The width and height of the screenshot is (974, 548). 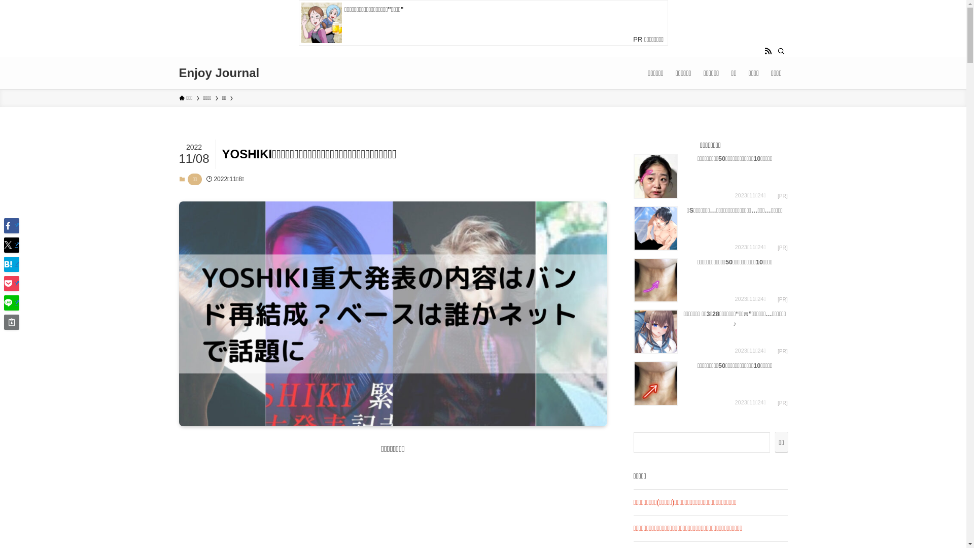 I want to click on 'Enjoy Journal', so click(x=218, y=72).